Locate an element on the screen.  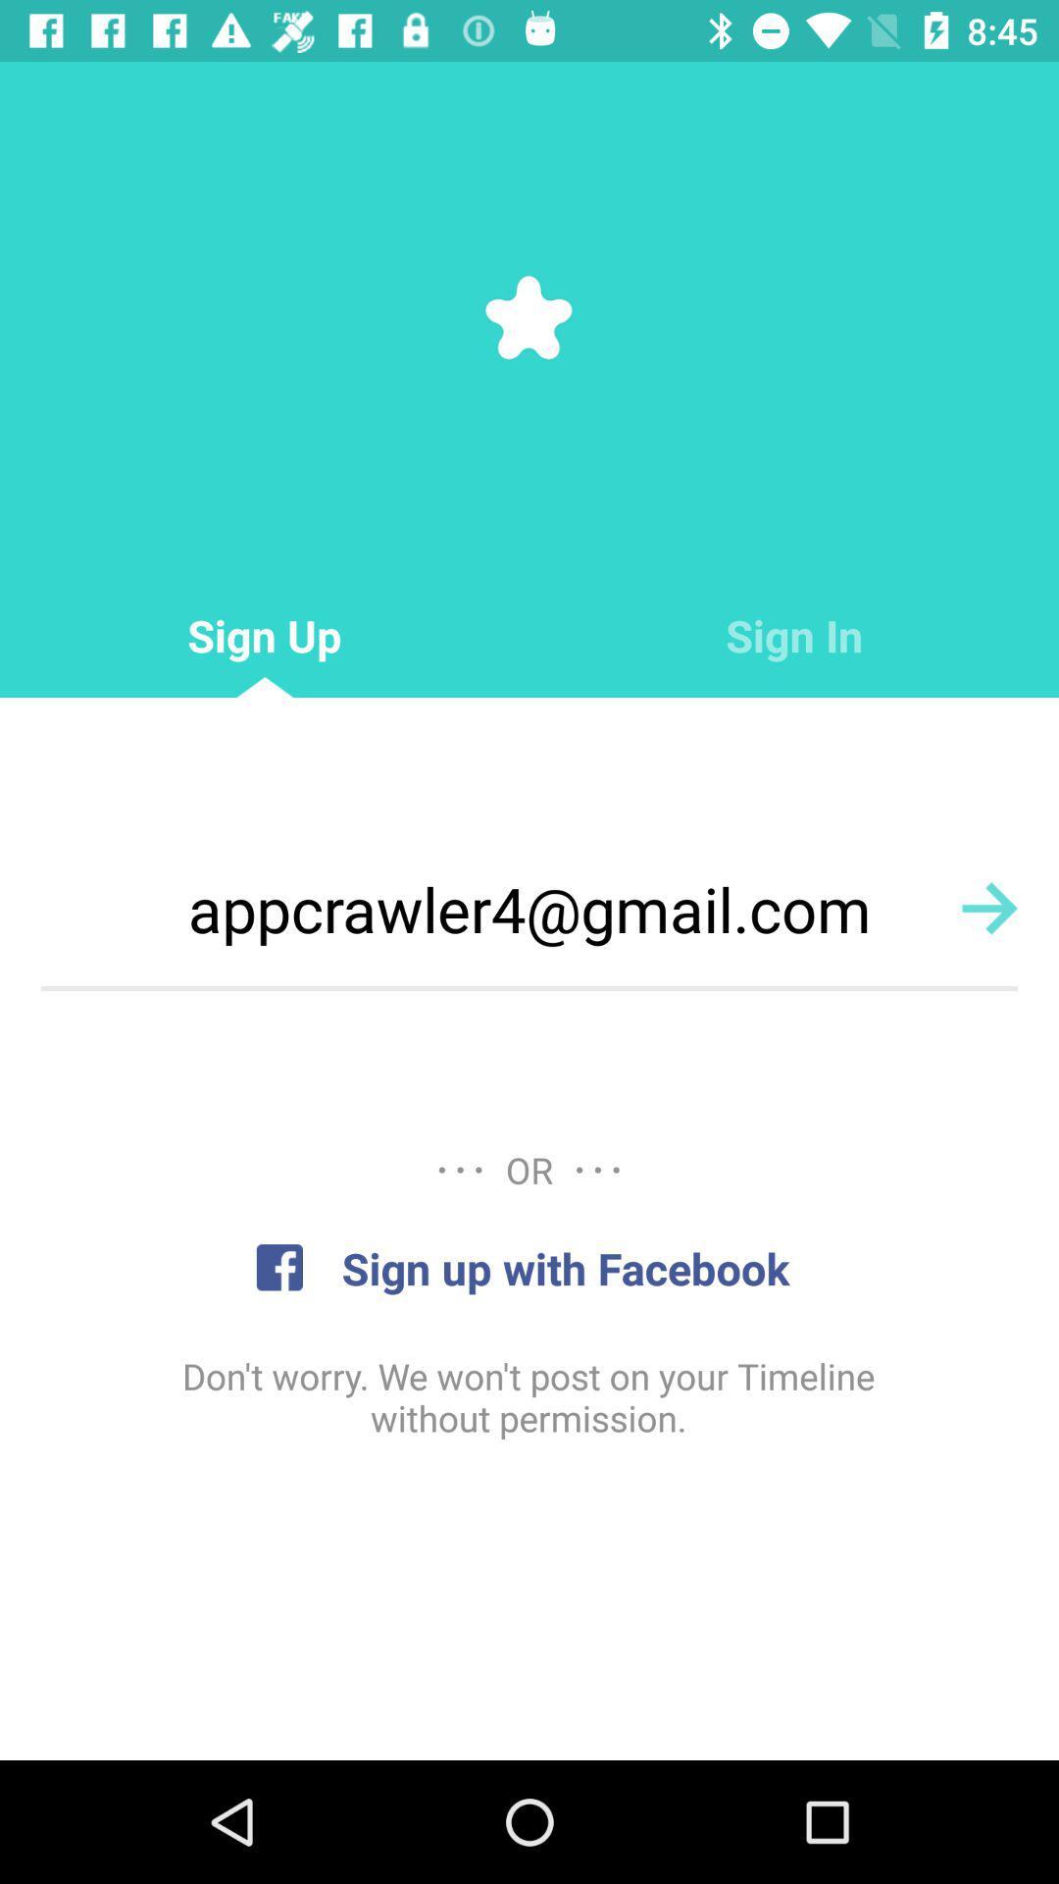
the sign in item is located at coordinates (794, 636).